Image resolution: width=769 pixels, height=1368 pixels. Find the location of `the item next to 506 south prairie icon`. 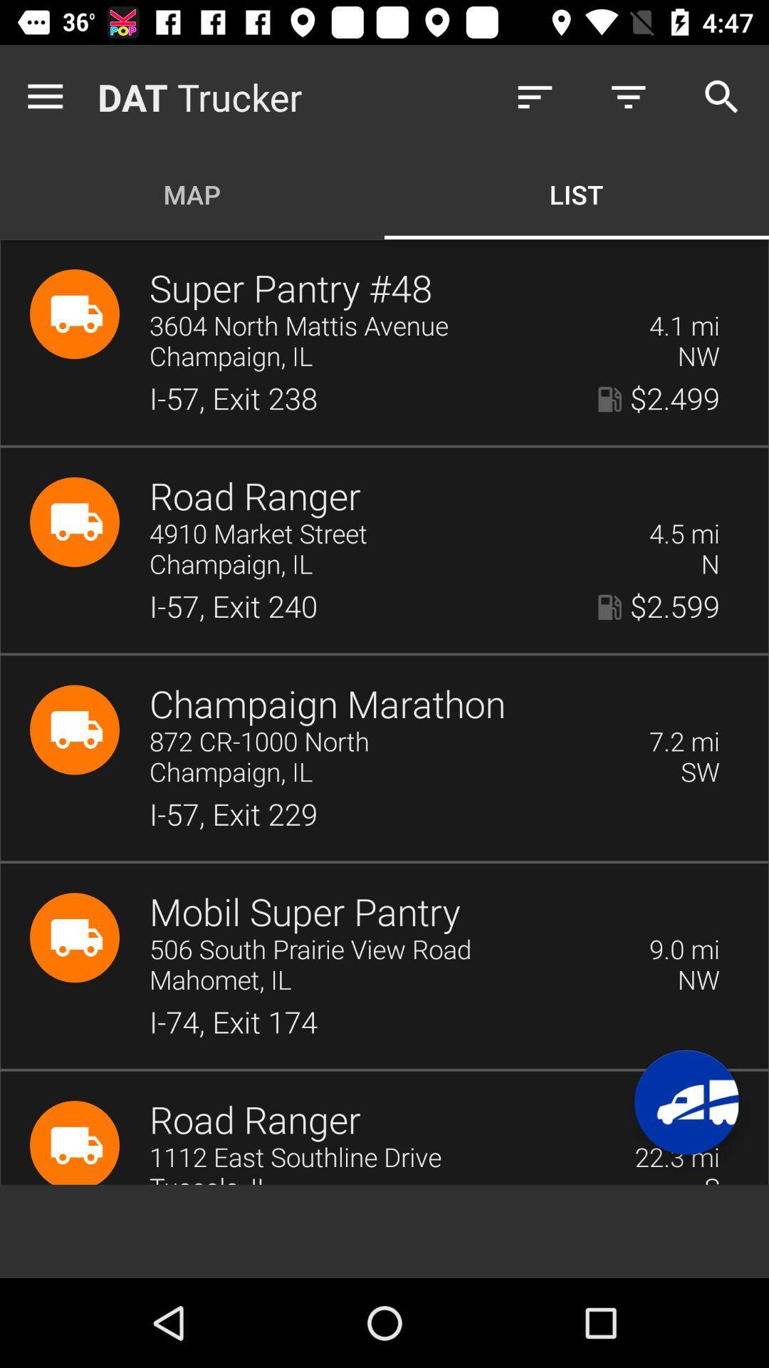

the item next to 506 south prairie icon is located at coordinates (684, 950).